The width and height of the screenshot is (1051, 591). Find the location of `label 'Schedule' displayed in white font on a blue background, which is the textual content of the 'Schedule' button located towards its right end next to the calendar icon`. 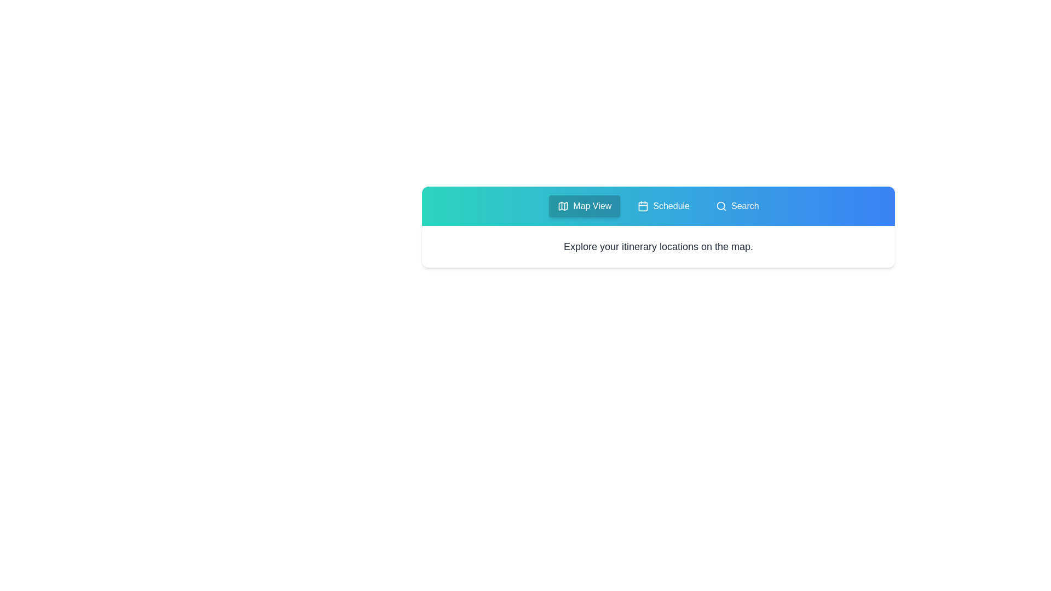

label 'Schedule' displayed in white font on a blue background, which is the textual content of the 'Schedule' button located towards its right end next to the calendar icon is located at coordinates (671, 206).